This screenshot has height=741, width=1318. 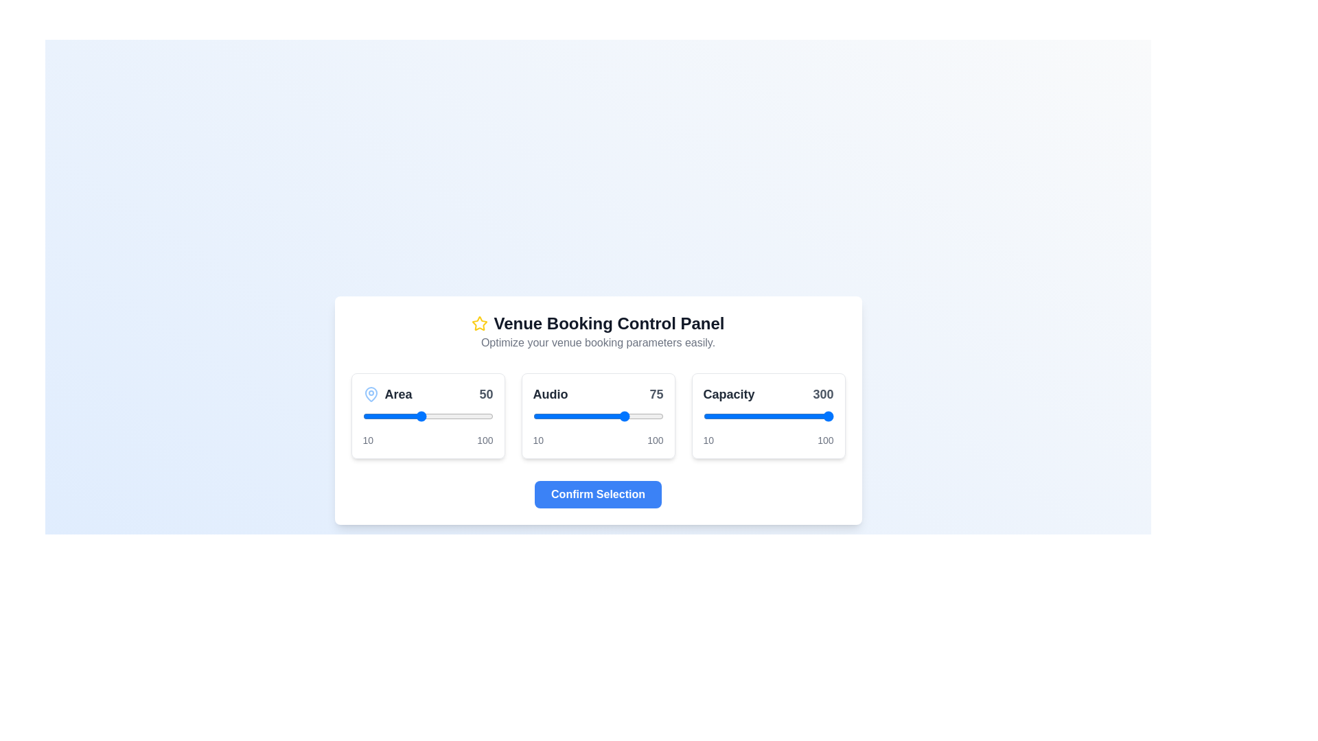 What do you see at coordinates (598, 494) in the screenshot?
I see `the confirmation button located at the bottom section of the 'Venue Booking Control Panel'` at bounding box center [598, 494].